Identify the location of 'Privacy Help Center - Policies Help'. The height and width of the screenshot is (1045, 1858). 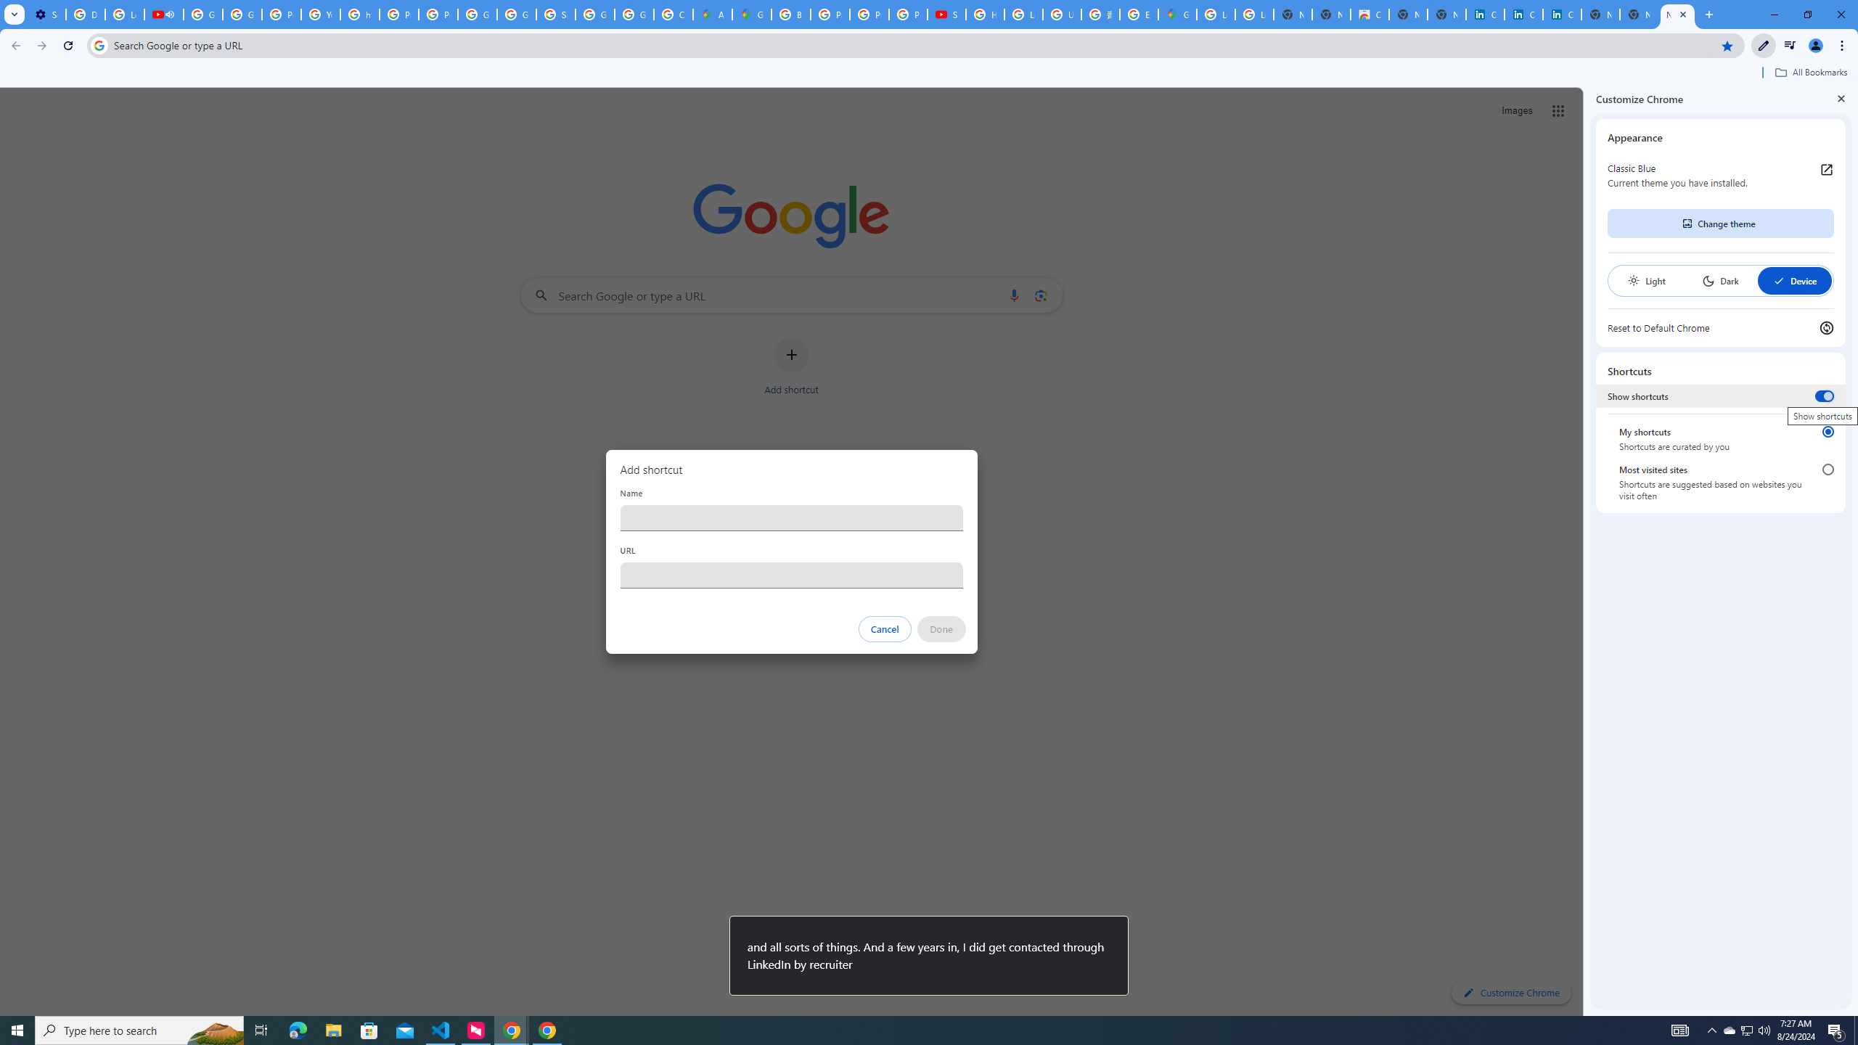
(869, 14).